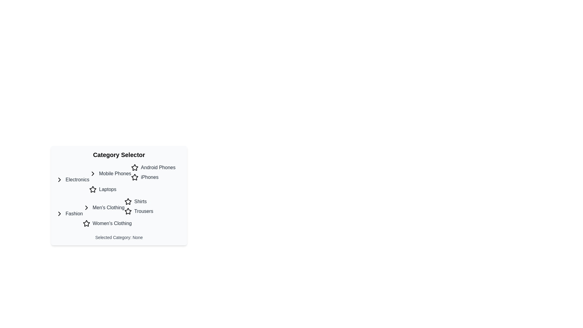 The image size is (583, 328). Describe the element at coordinates (60, 214) in the screenshot. I see `the chevron-right icon located to the left of the 'Fashion' label in the category hierarchy UI` at that location.